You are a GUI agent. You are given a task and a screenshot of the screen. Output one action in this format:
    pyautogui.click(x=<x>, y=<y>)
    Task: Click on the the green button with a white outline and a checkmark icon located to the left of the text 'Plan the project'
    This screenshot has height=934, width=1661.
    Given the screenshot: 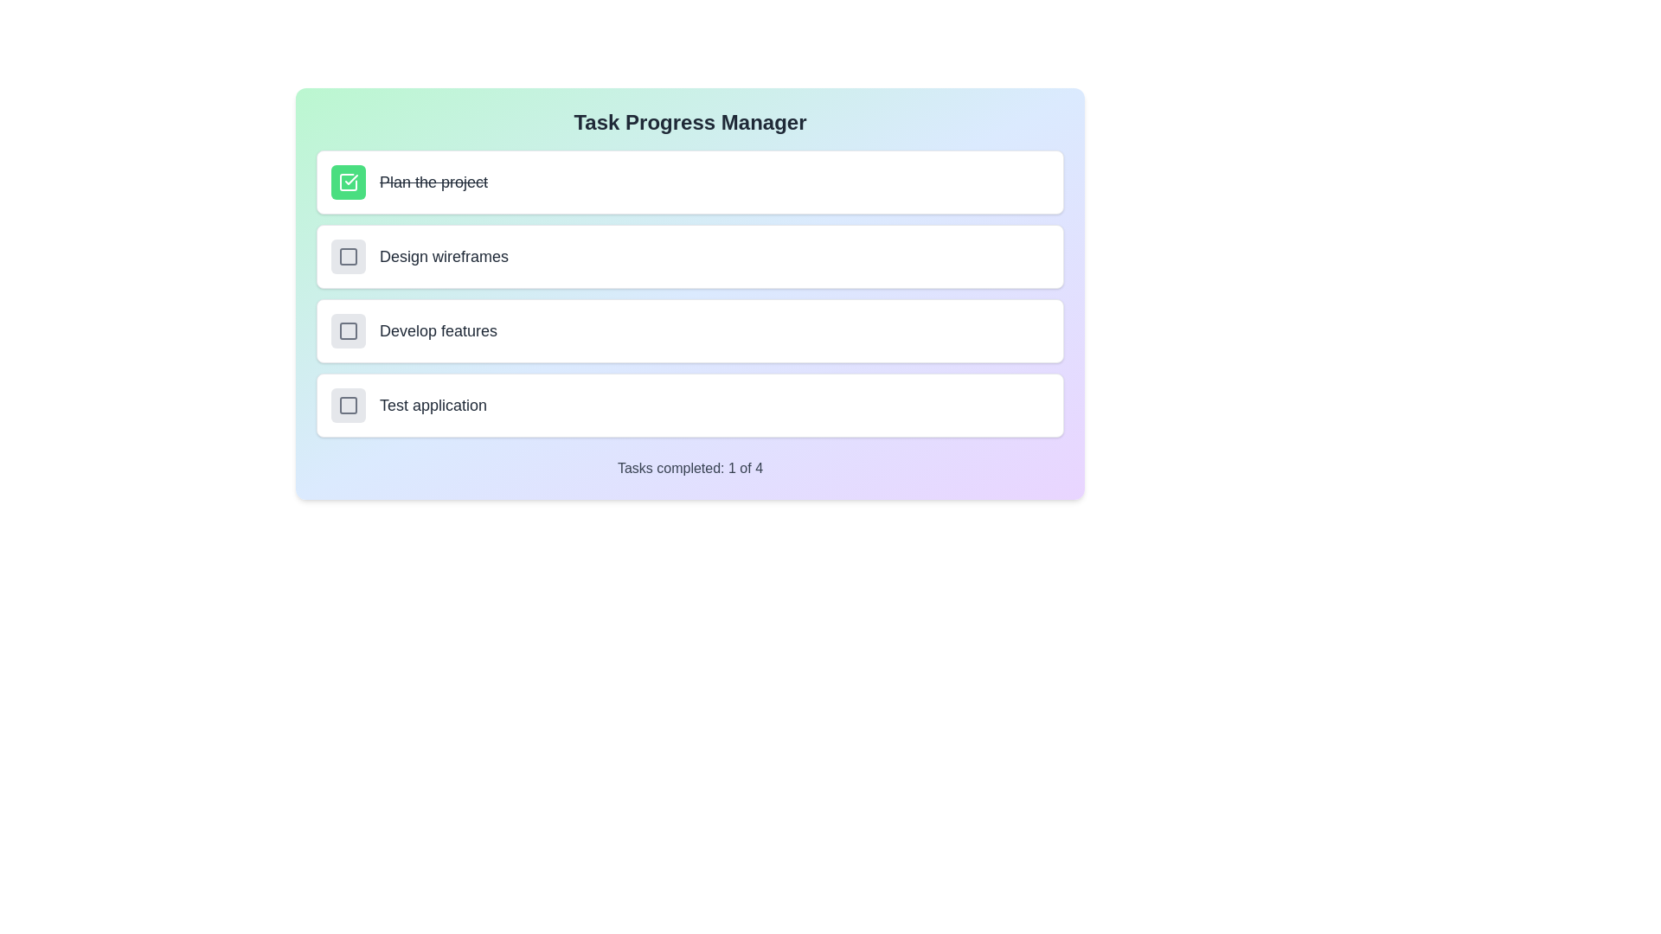 What is the action you would take?
    pyautogui.click(x=348, y=182)
    